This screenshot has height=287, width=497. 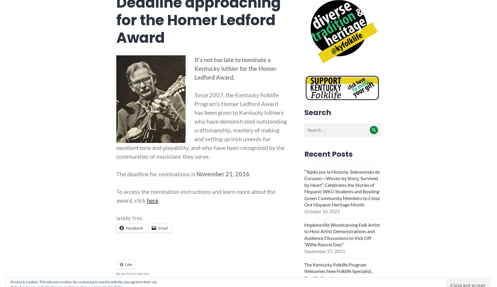 What do you see at coordinates (338, 271) in the screenshot?
I see `'The Kentucky Folklife Program Welcomes New Folklife Specialist, Camille Acosta'` at bounding box center [338, 271].